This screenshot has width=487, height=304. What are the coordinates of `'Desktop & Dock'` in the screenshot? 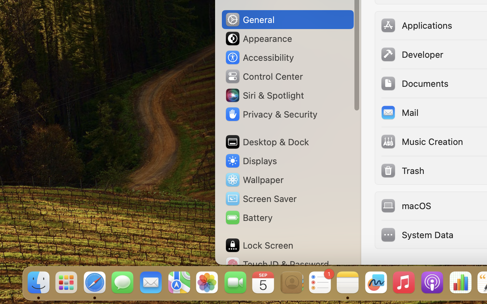 It's located at (266, 142).